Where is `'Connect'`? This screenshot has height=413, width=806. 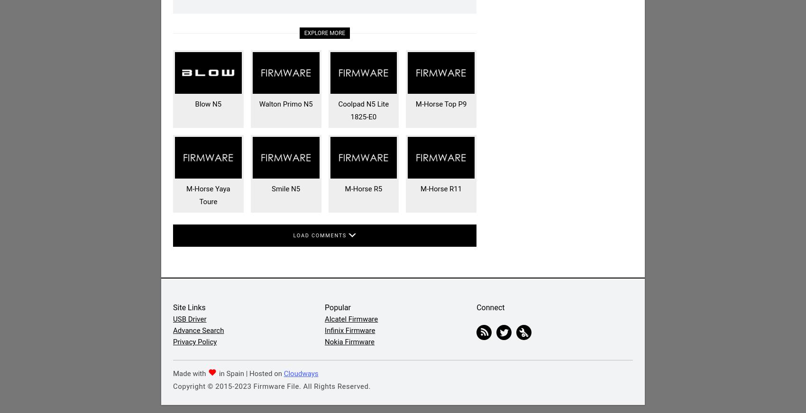 'Connect' is located at coordinates (490, 307).